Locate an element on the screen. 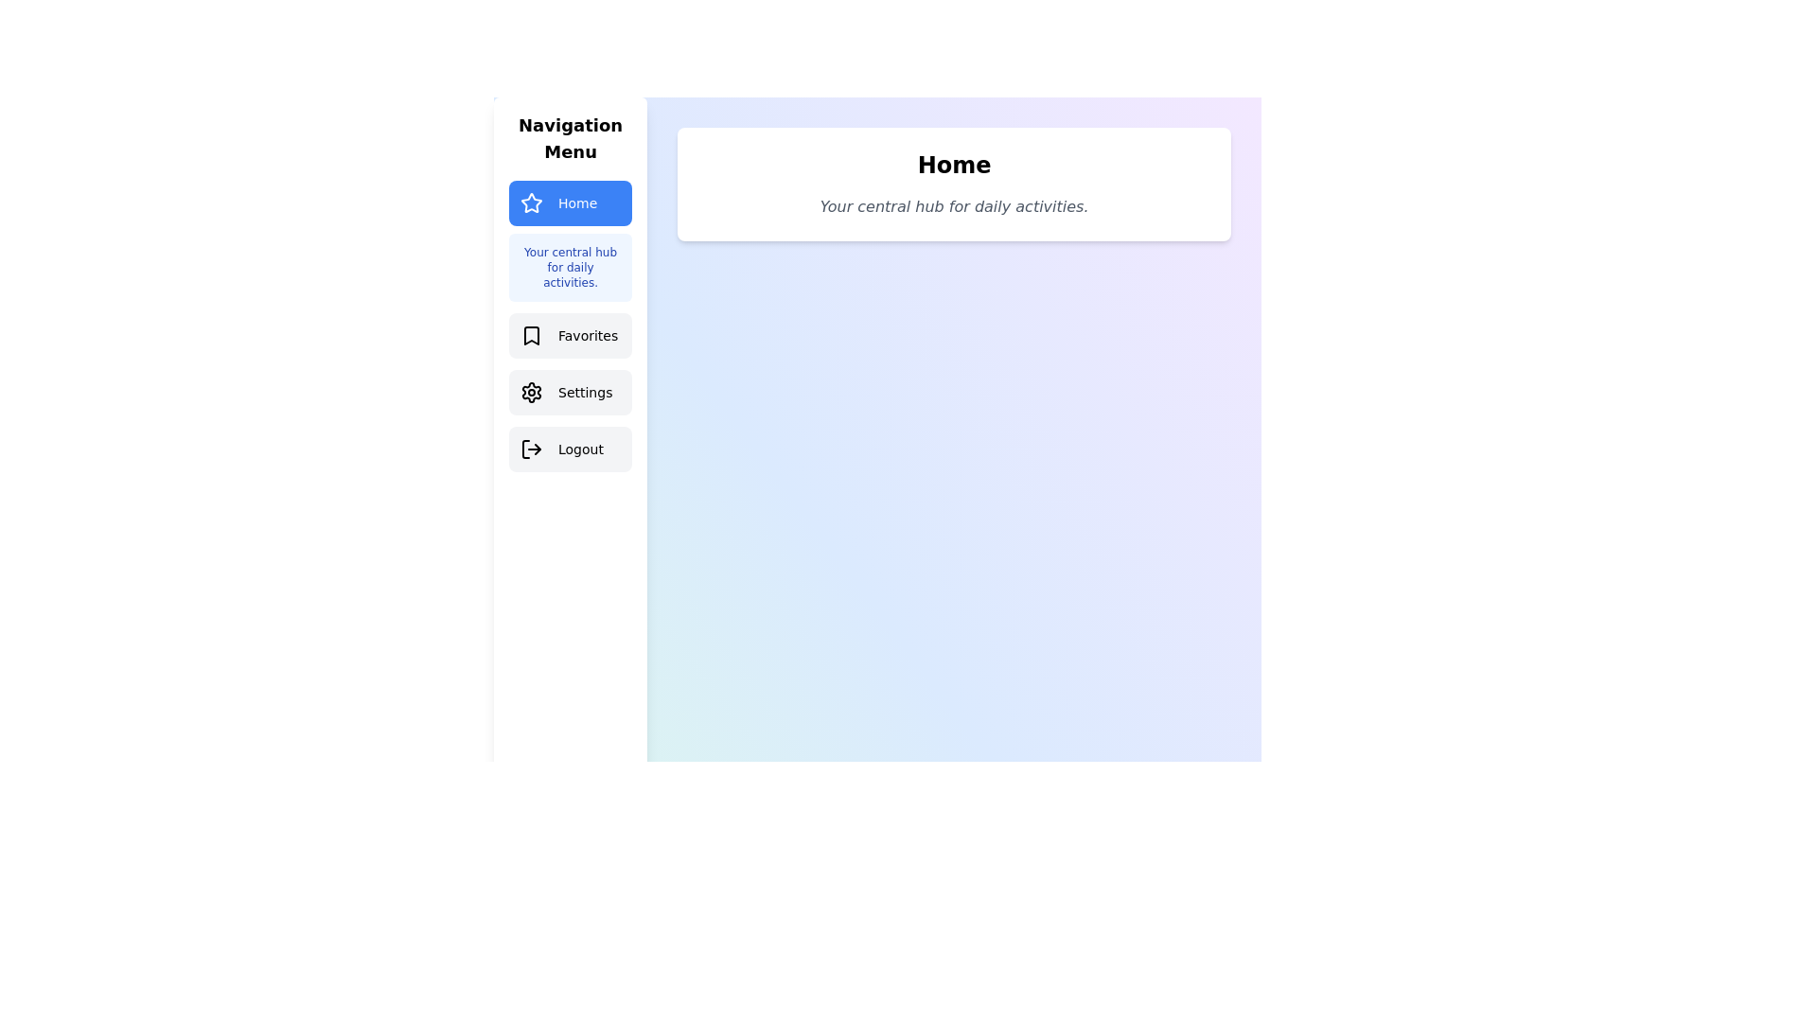 The width and height of the screenshot is (1817, 1022). the menu tab Settings to preview its interaction is located at coordinates (570, 392).